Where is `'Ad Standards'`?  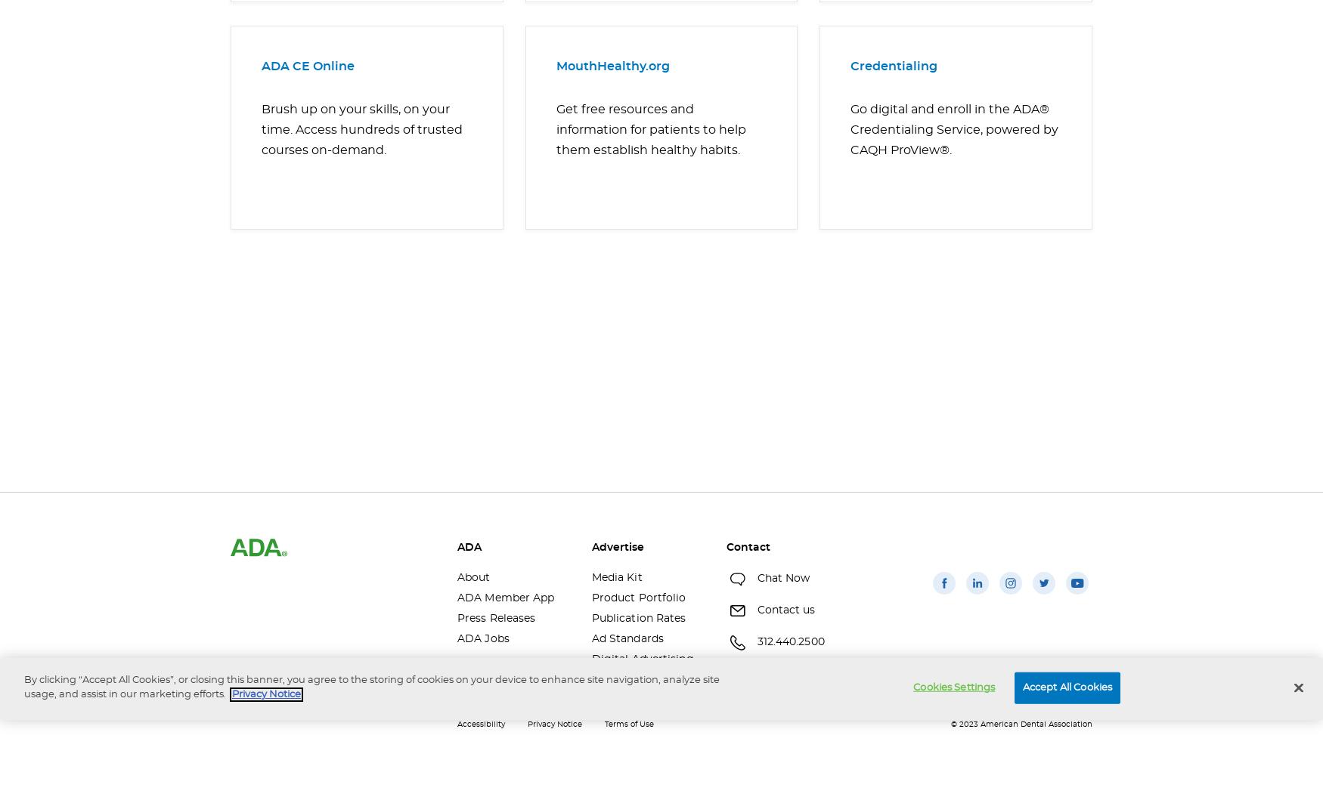 'Ad Standards' is located at coordinates (627, 638).